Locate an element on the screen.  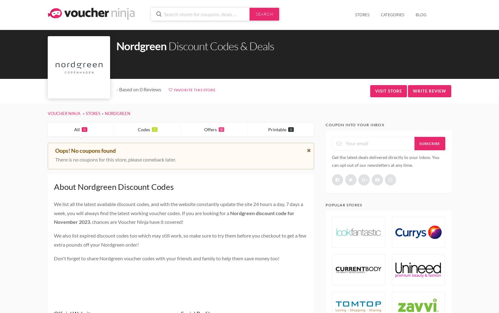
'Printable' is located at coordinates (277, 129).